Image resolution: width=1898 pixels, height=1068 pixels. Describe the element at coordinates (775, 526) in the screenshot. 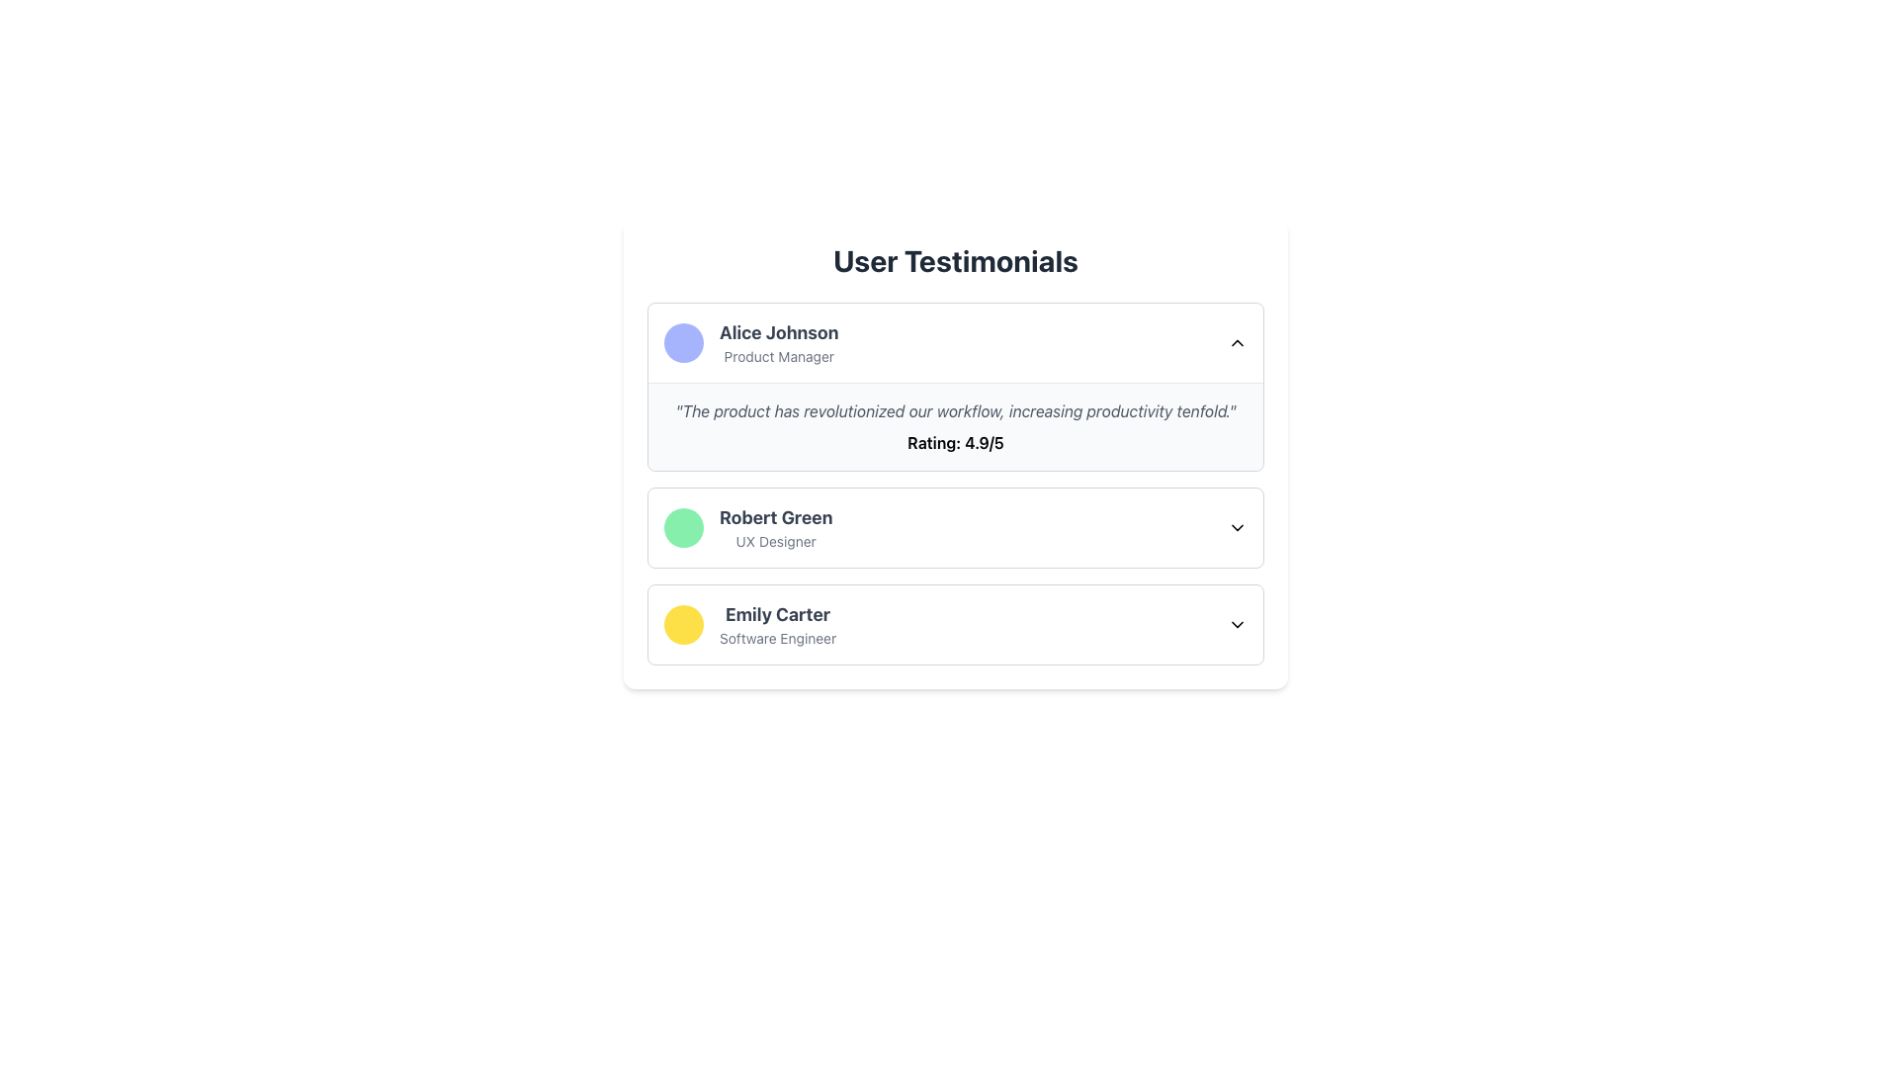

I see `the testimonial header displaying 'Robert Green' as 'UX Designer', located between testimonials from 'Alice Johnson' and 'Emily Carter', with a circular green icon on the left` at that location.